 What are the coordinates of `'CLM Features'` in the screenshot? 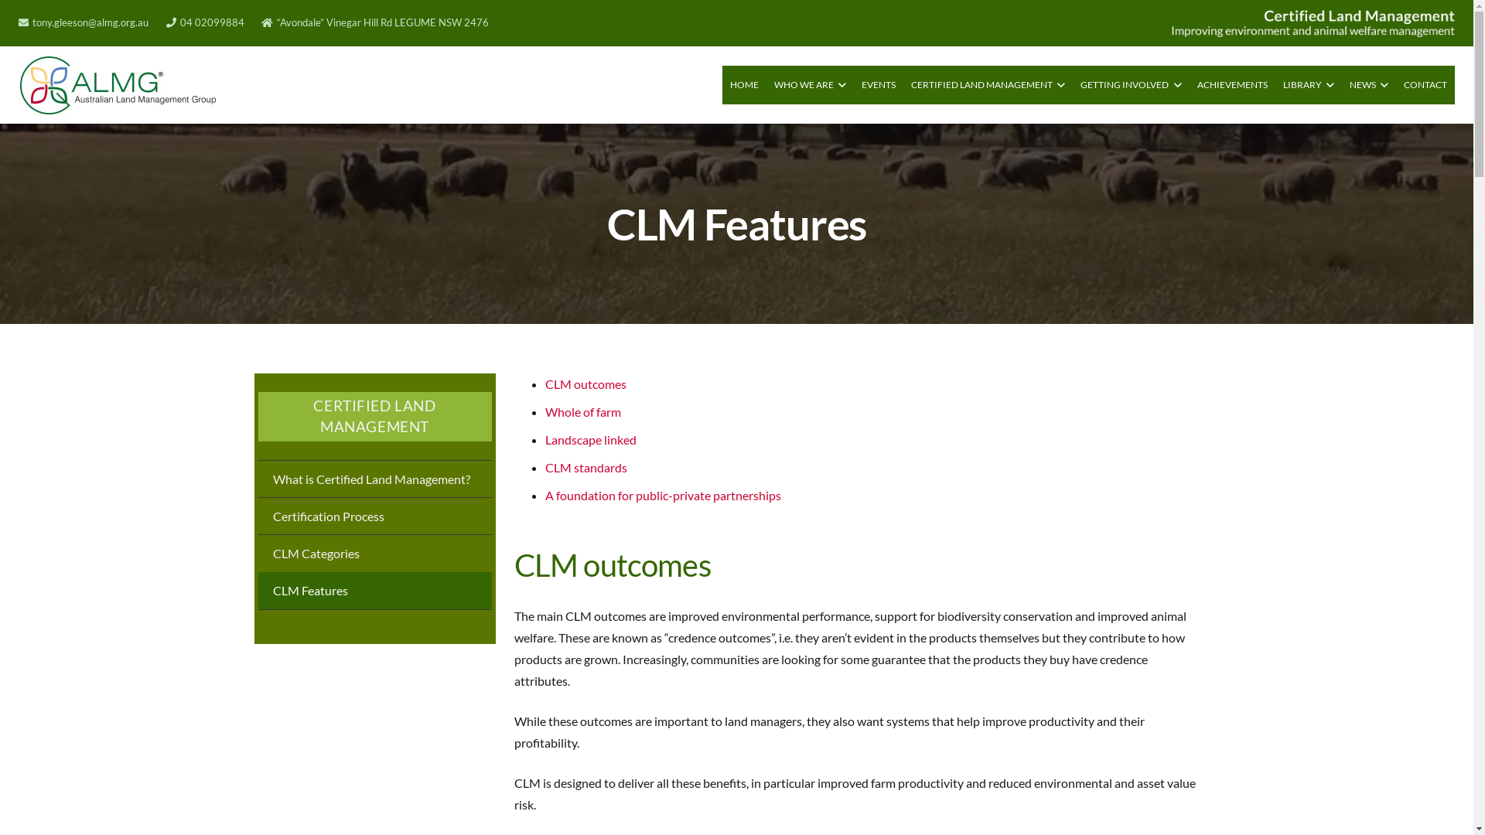 It's located at (374, 590).